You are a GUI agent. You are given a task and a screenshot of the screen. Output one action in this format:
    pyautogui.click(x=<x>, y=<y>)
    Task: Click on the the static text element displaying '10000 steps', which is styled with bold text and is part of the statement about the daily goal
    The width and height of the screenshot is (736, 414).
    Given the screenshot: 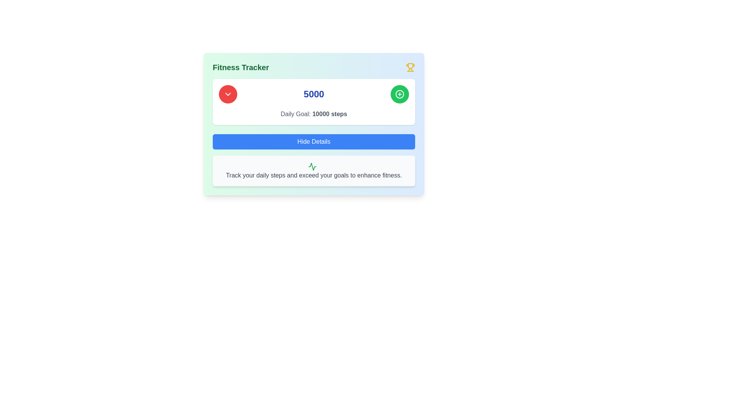 What is the action you would take?
    pyautogui.click(x=330, y=114)
    